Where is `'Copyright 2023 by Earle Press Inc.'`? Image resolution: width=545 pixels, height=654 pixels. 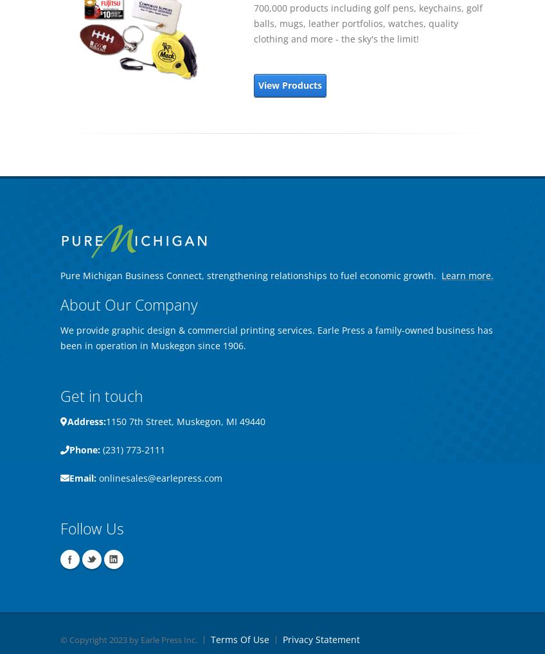 'Copyright 2023 by Earle Press Inc.' is located at coordinates (133, 640).